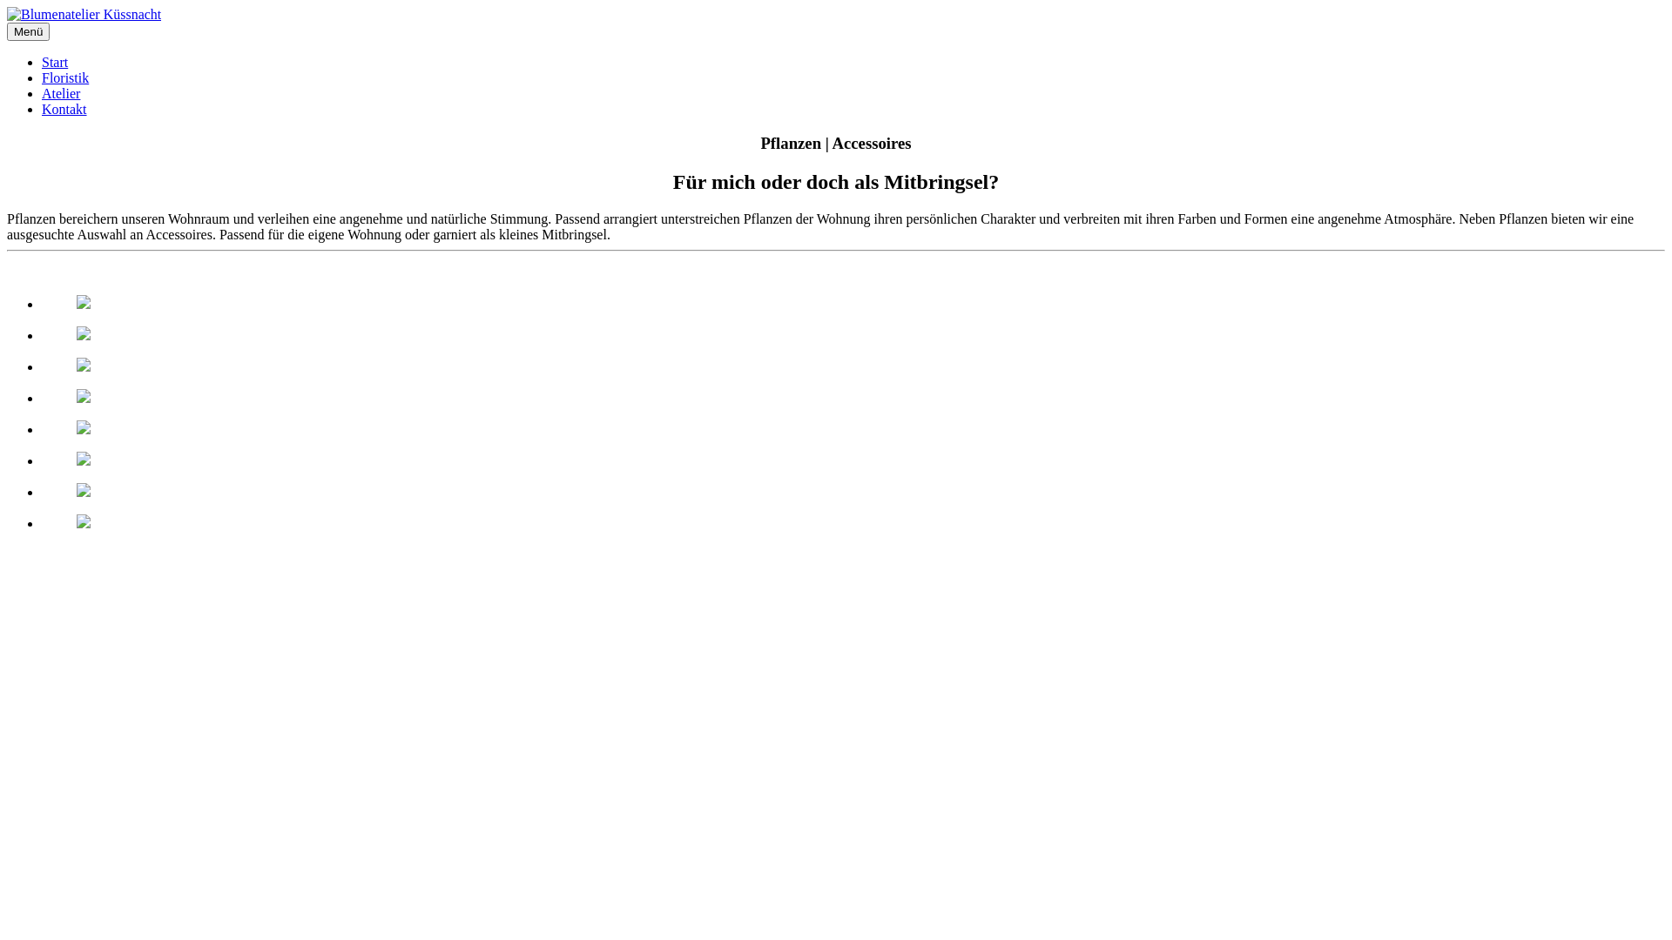  I want to click on 'Start', so click(54, 61).